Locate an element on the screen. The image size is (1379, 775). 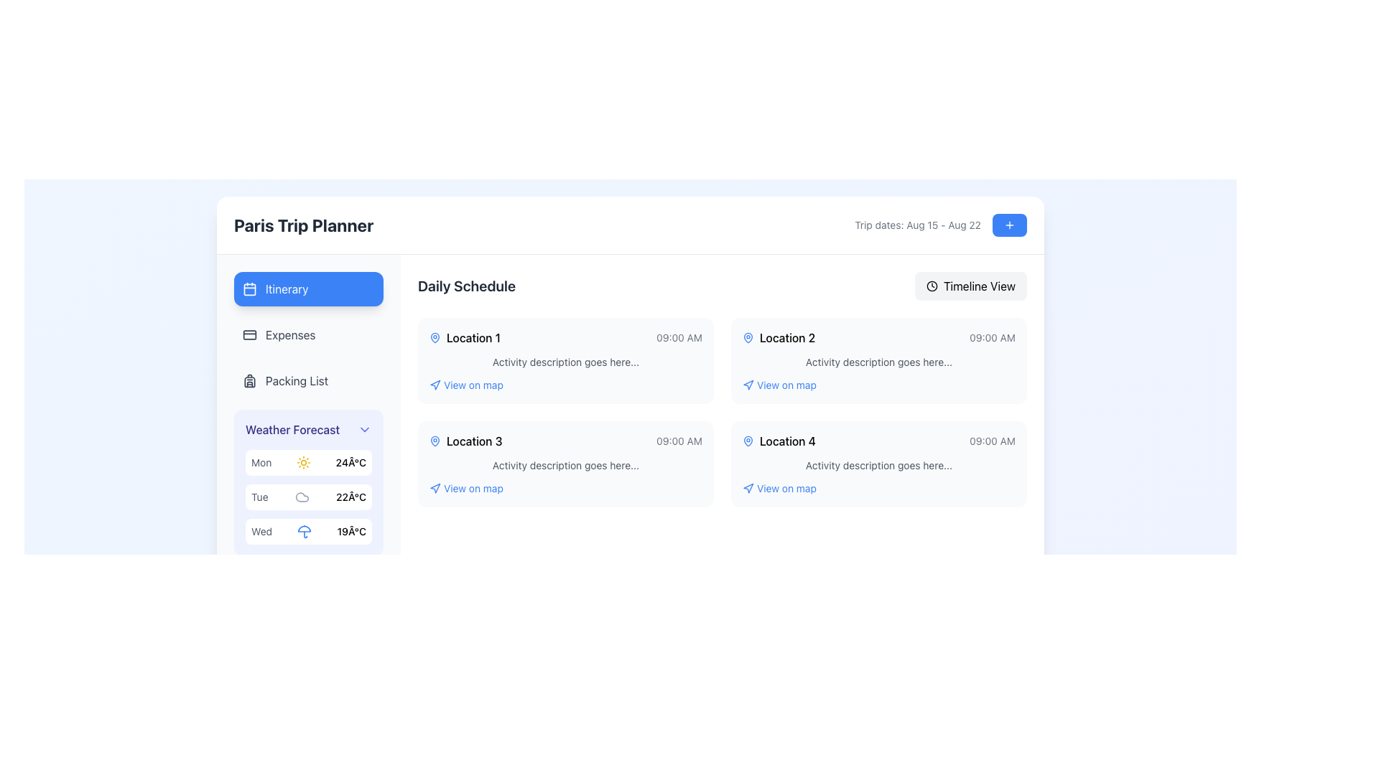
the circular clock icon on the top-right corner of the interface is located at coordinates (932, 286).